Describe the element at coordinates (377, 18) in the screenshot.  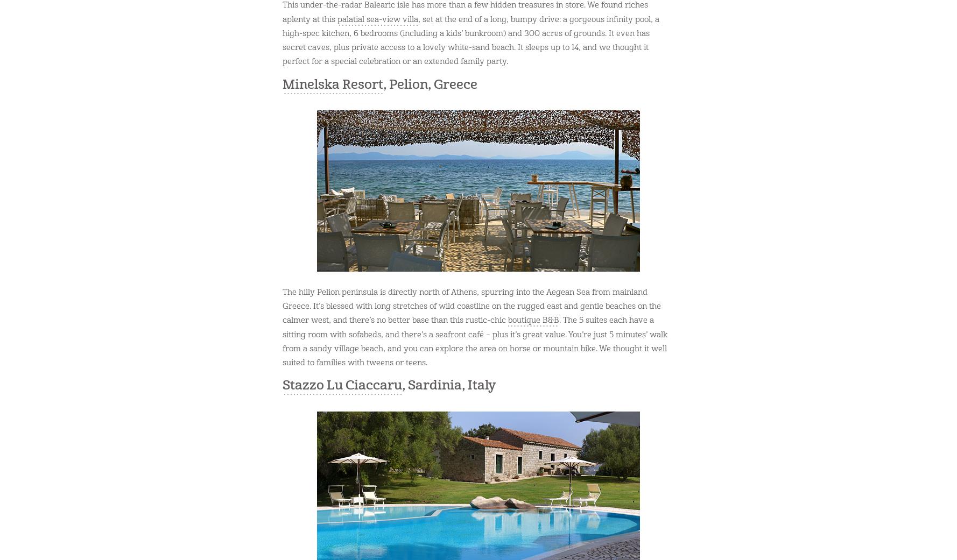
I see `'palatial sea-view villa'` at that location.